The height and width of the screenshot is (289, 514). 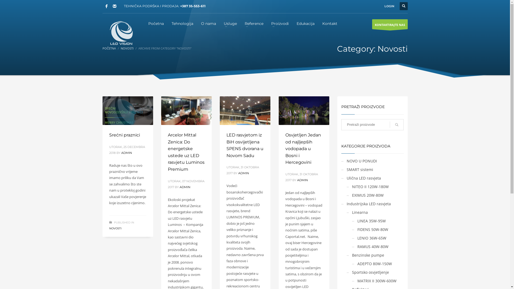 I want to click on 'NOVOSTI', so click(x=127, y=48).